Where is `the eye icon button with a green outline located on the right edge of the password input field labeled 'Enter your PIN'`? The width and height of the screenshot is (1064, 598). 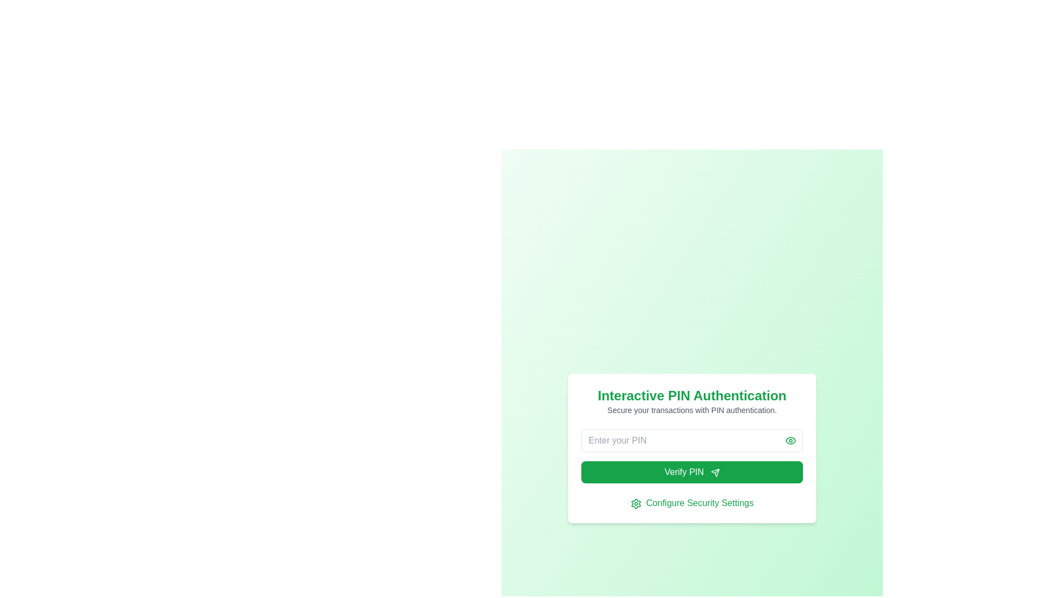 the eye icon button with a green outline located on the right edge of the password input field labeled 'Enter your PIN' is located at coordinates (790, 440).